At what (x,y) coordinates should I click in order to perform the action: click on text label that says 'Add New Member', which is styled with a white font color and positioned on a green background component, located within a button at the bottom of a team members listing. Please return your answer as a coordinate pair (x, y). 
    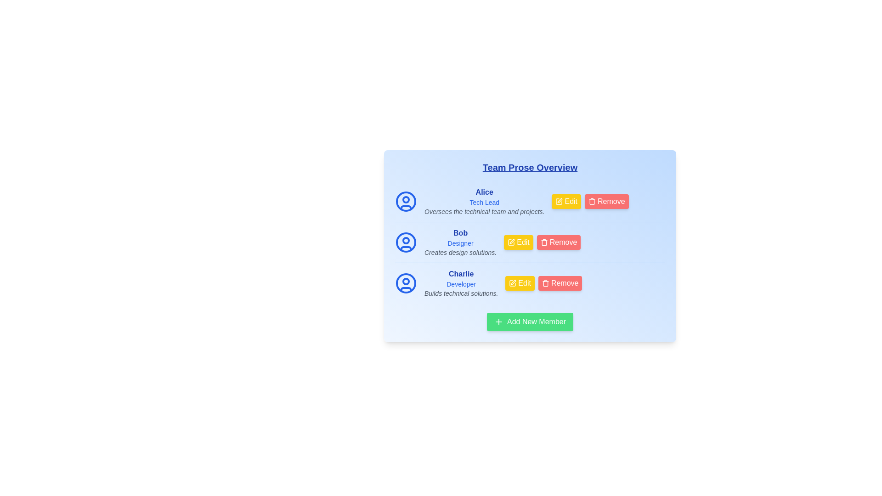
    Looking at the image, I should click on (534, 321).